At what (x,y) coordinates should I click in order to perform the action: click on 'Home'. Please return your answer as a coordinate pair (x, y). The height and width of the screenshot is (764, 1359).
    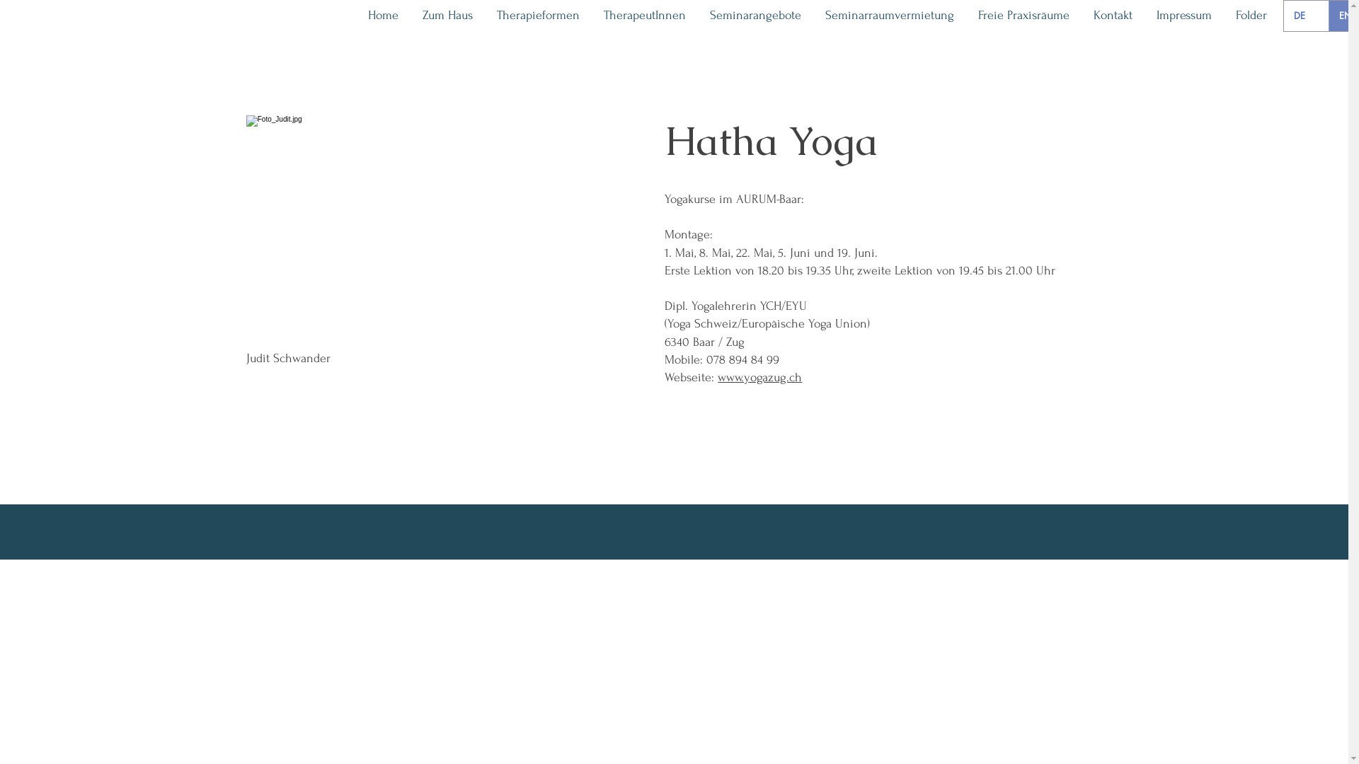
    Looking at the image, I should click on (383, 16).